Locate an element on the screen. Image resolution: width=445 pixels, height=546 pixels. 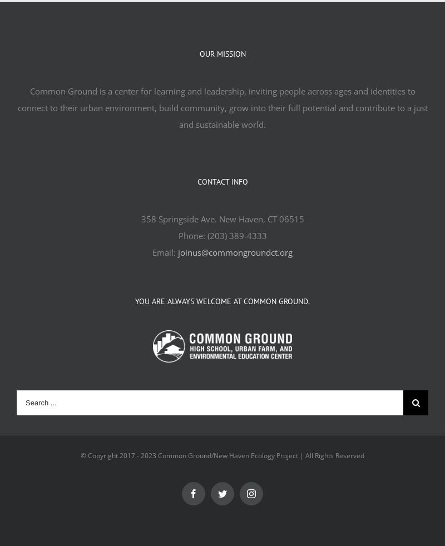
'joinus@commongroundct.org' is located at coordinates (235, 252).